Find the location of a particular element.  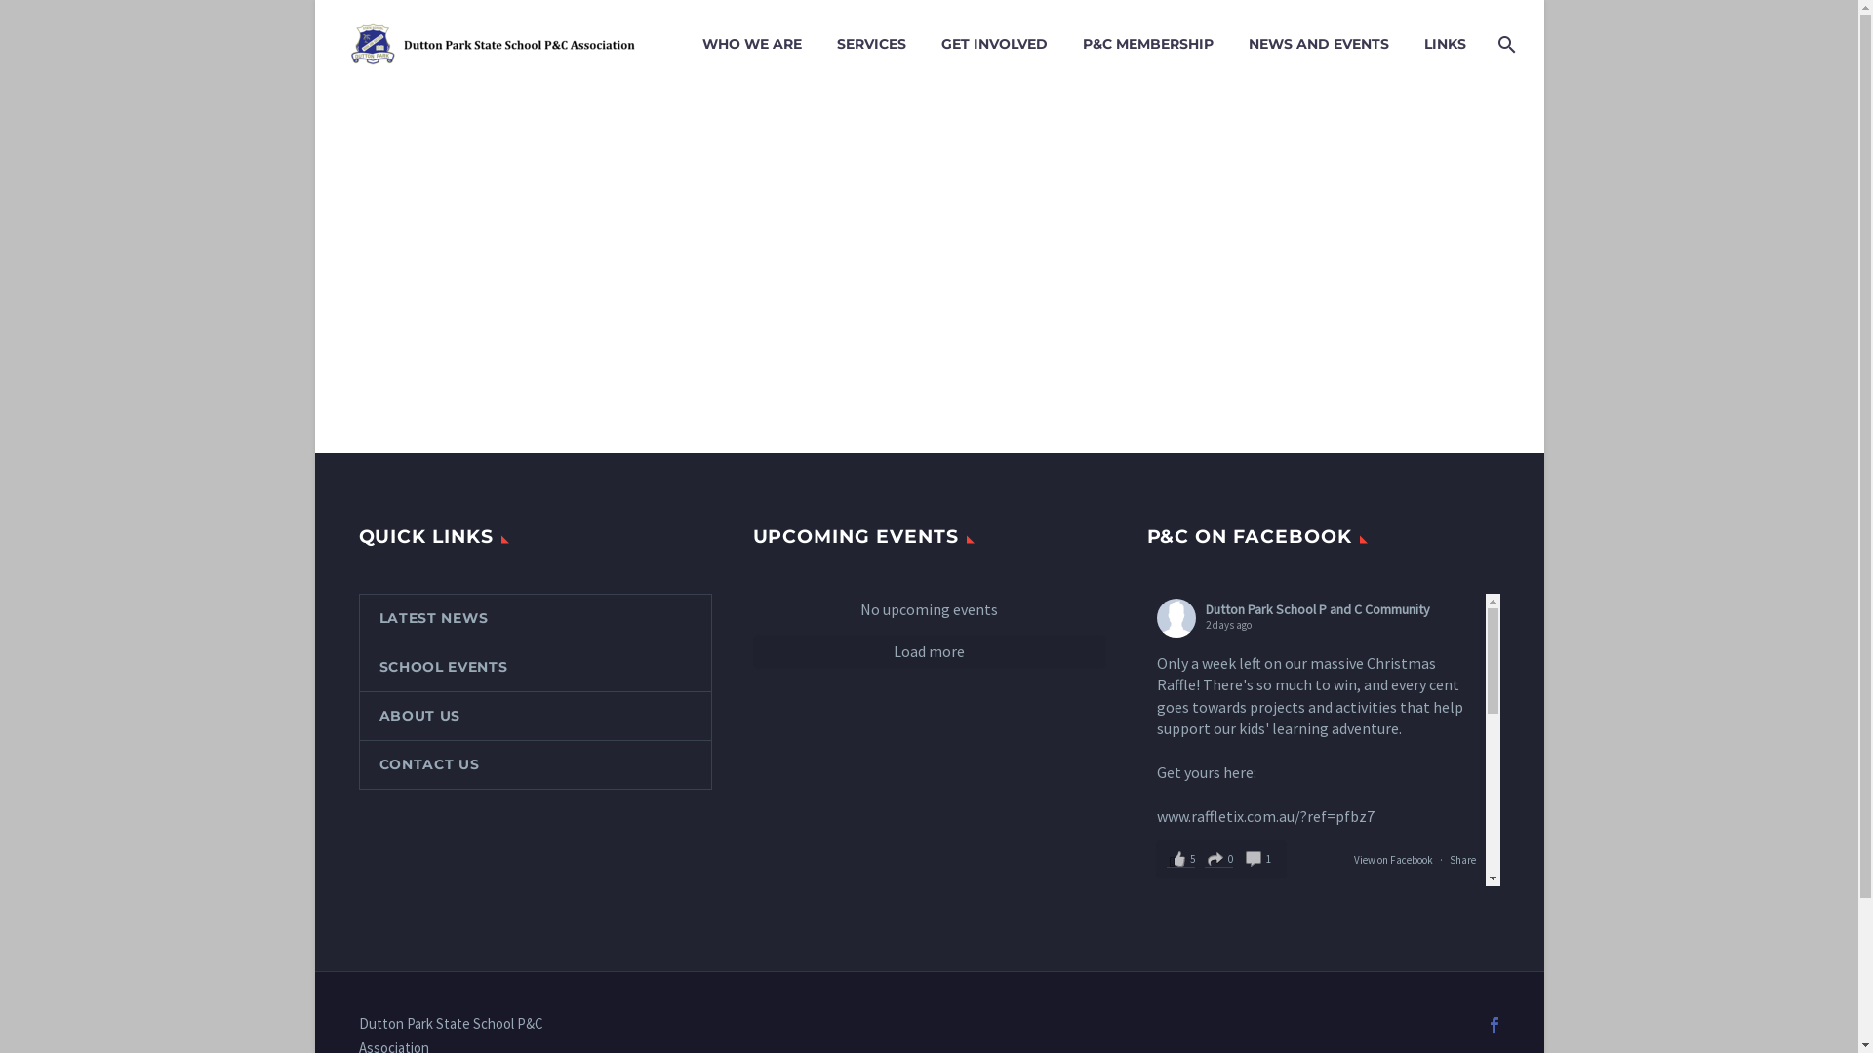

'SCHOOL EVENTS' is located at coordinates (534, 666).